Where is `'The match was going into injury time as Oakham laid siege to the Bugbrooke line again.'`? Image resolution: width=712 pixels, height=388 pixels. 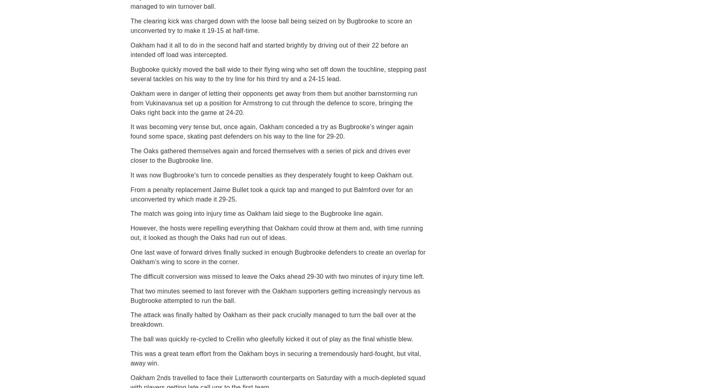
'The match was going into injury time as Oakham laid siege to the Bugbrooke line again.' is located at coordinates (257, 213).